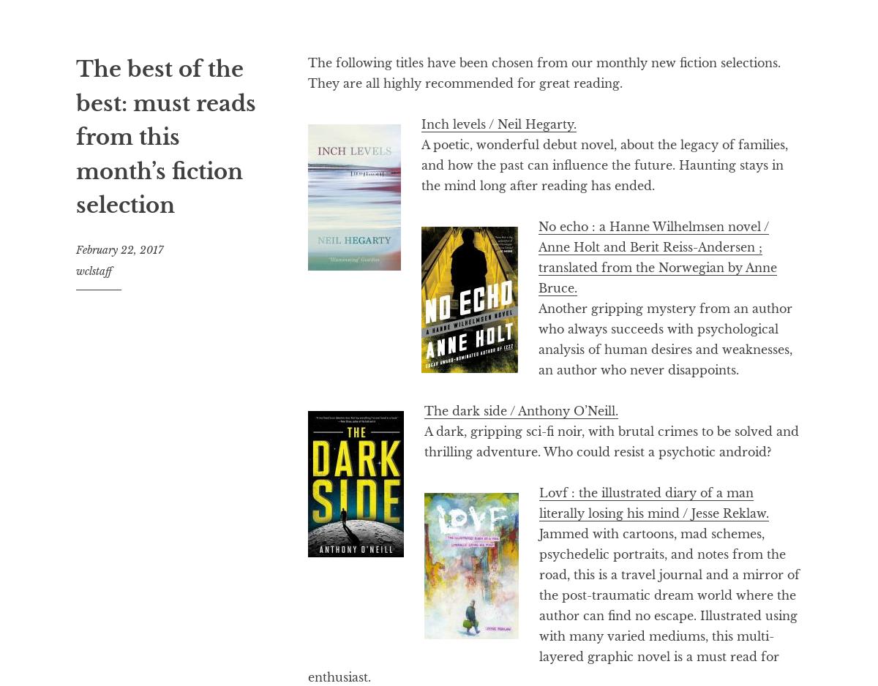 The width and height of the screenshot is (878, 686). I want to click on 'The best of the best: must reads from this month’s fiction selection', so click(165, 136).